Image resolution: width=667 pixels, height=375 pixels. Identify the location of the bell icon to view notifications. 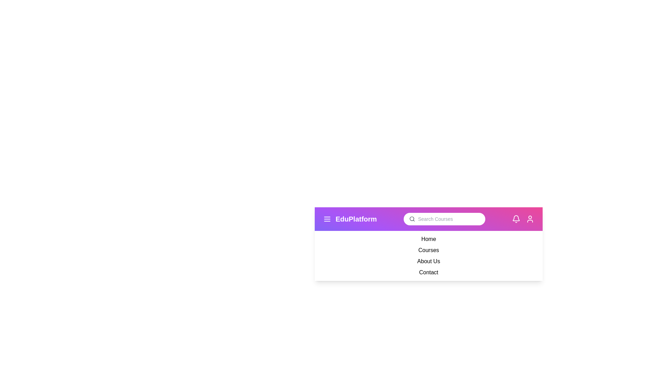
(516, 219).